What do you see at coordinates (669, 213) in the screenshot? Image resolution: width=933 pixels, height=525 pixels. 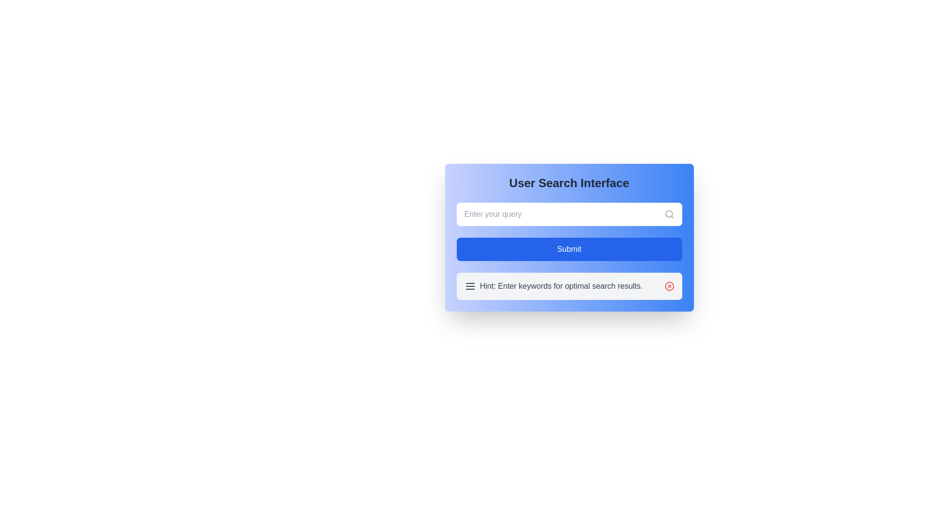 I see `the small gray magnifying glass icon located at the top-right corner of the search input field` at bounding box center [669, 213].